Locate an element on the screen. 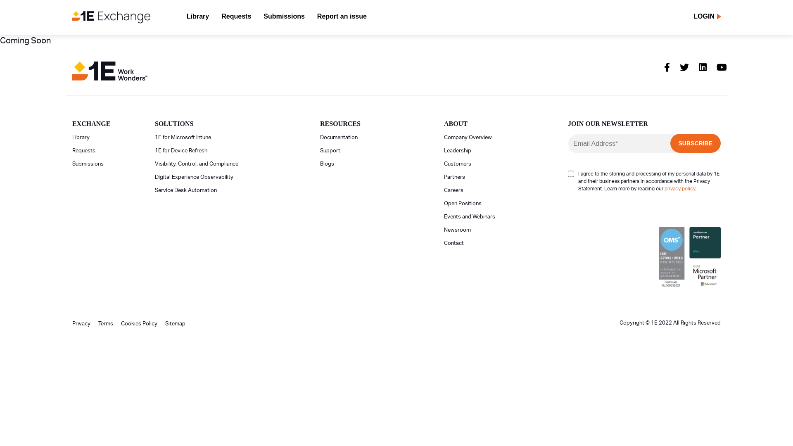 Image resolution: width=793 pixels, height=446 pixels. 'Requests' is located at coordinates (83, 151).